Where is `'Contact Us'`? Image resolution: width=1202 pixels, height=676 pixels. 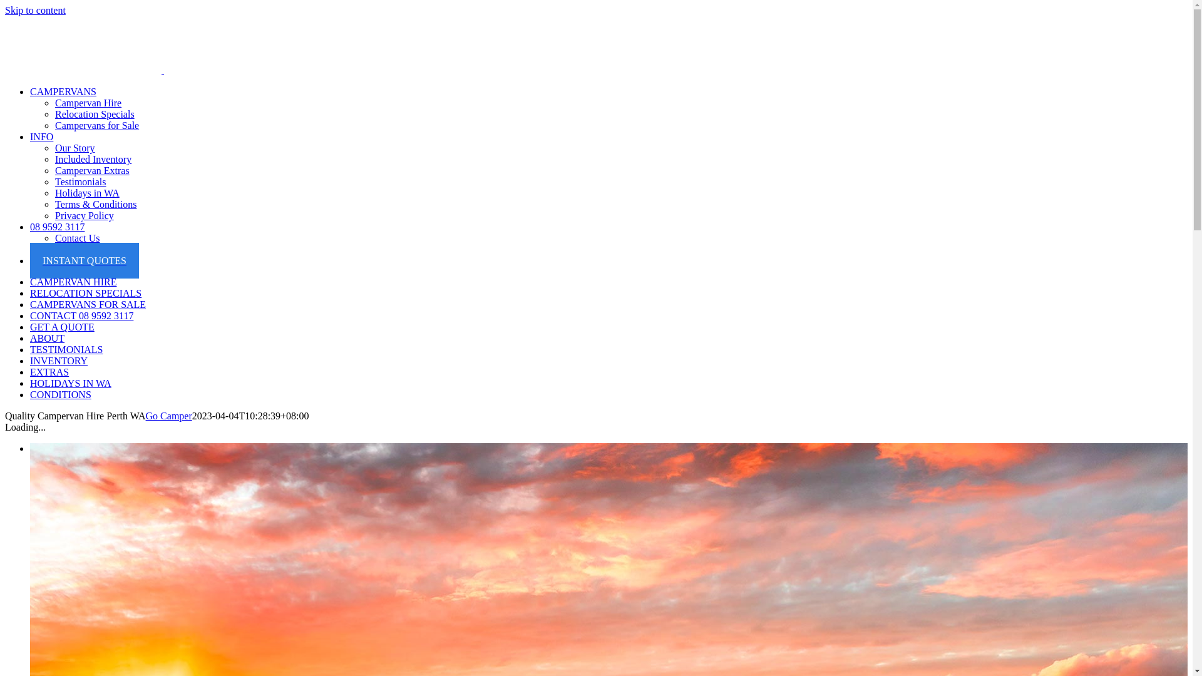
'Contact Us' is located at coordinates (77, 238).